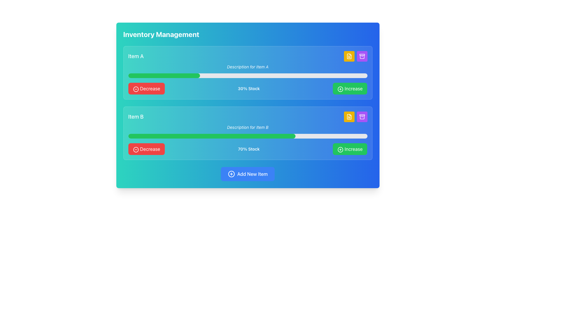 This screenshot has width=564, height=317. I want to click on the text label displaying the current stock percentage for 'Item B', located between the progress bar and the 'Increase' button, so click(249, 149).